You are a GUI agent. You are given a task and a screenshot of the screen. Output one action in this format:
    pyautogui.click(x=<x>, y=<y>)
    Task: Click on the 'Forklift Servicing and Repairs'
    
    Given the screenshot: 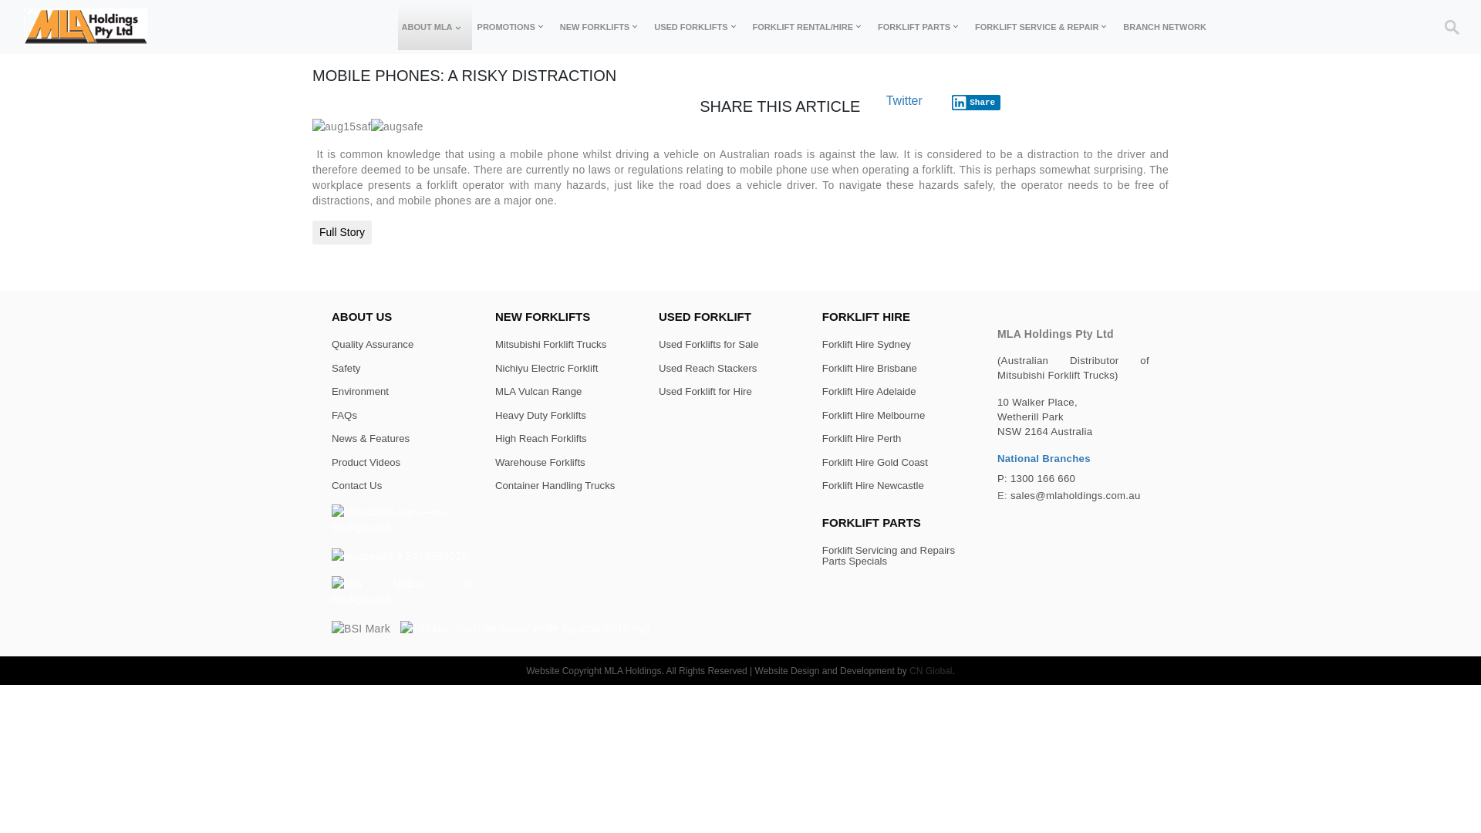 What is the action you would take?
    pyautogui.click(x=889, y=549)
    